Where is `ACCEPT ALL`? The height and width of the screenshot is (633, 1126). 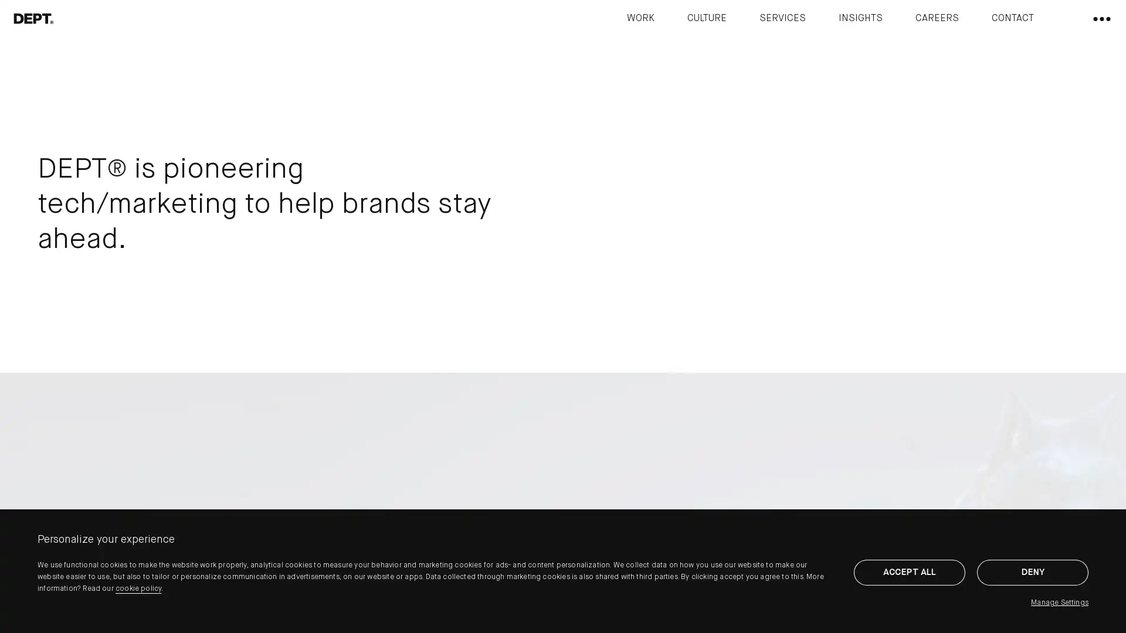 ACCEPT ALL is located at coordinates (908, 571).